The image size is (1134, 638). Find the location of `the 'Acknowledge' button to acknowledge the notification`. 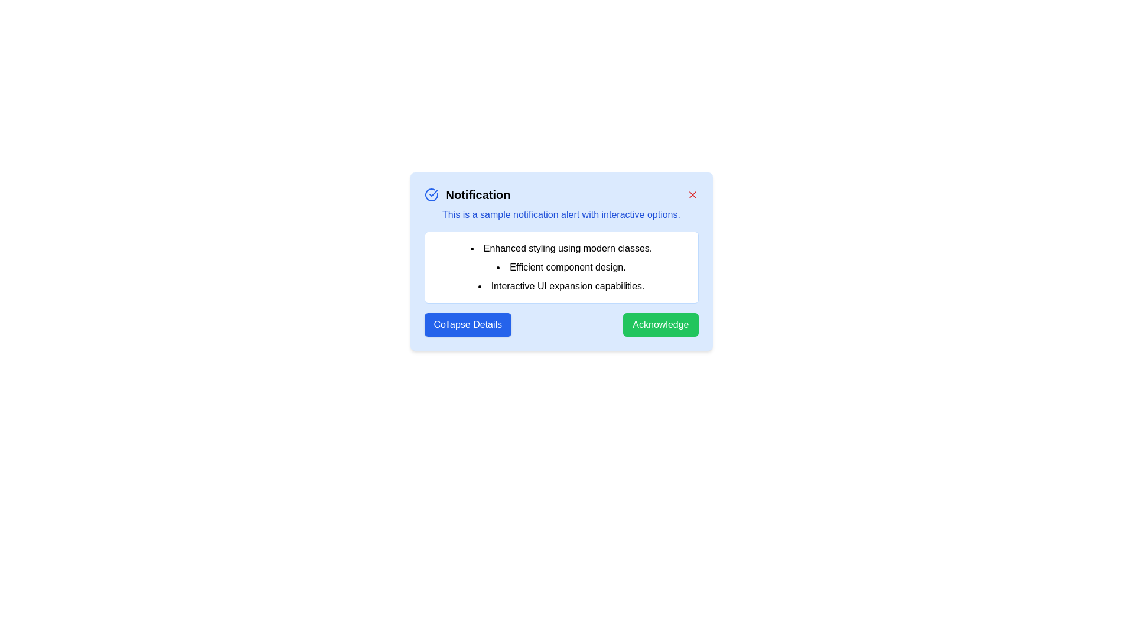

the 'Acknowledge' button to acknowledge the notification is located at coordinates (660, 325).